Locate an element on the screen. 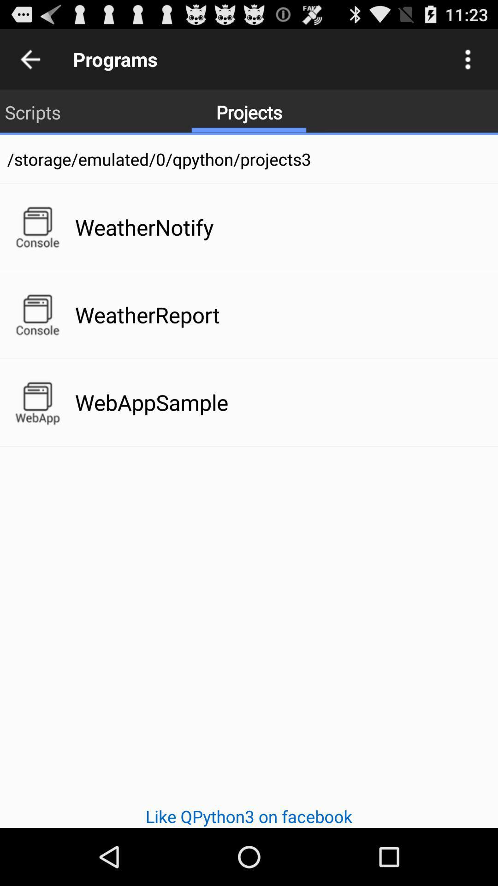  the web app option is located at coordinates (37, 402).